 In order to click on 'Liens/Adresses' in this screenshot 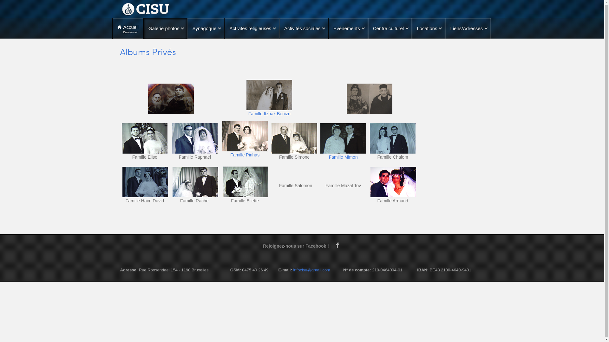, I will do `click(445, 28)`.